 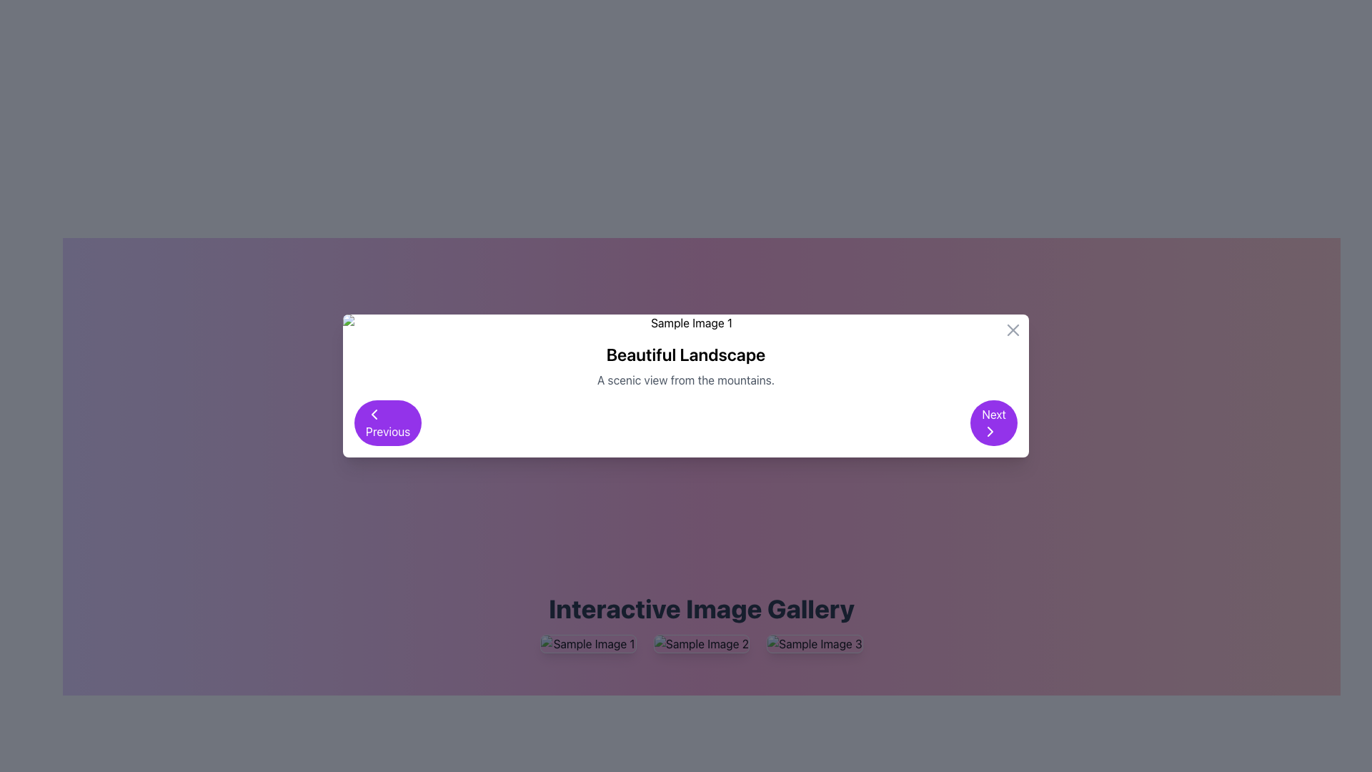 I want to click on the 'X' button located at the top-right corner of the modal window, so click(x=1012, y=330).